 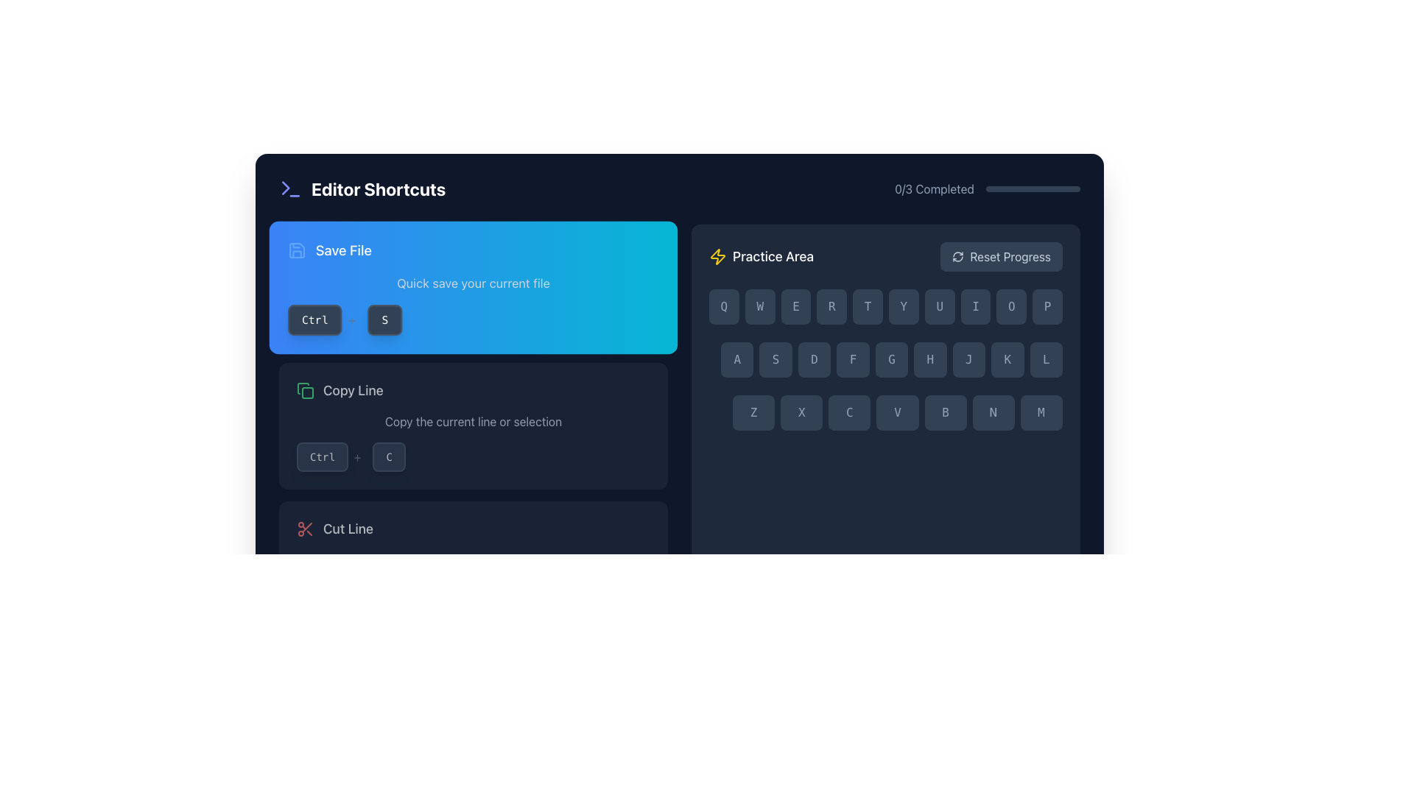 I want to click on the last button in the horizontal grid layout labeled 'L' in the Practice Area section for potential advanced interaction, so click(x=1045, y=360).